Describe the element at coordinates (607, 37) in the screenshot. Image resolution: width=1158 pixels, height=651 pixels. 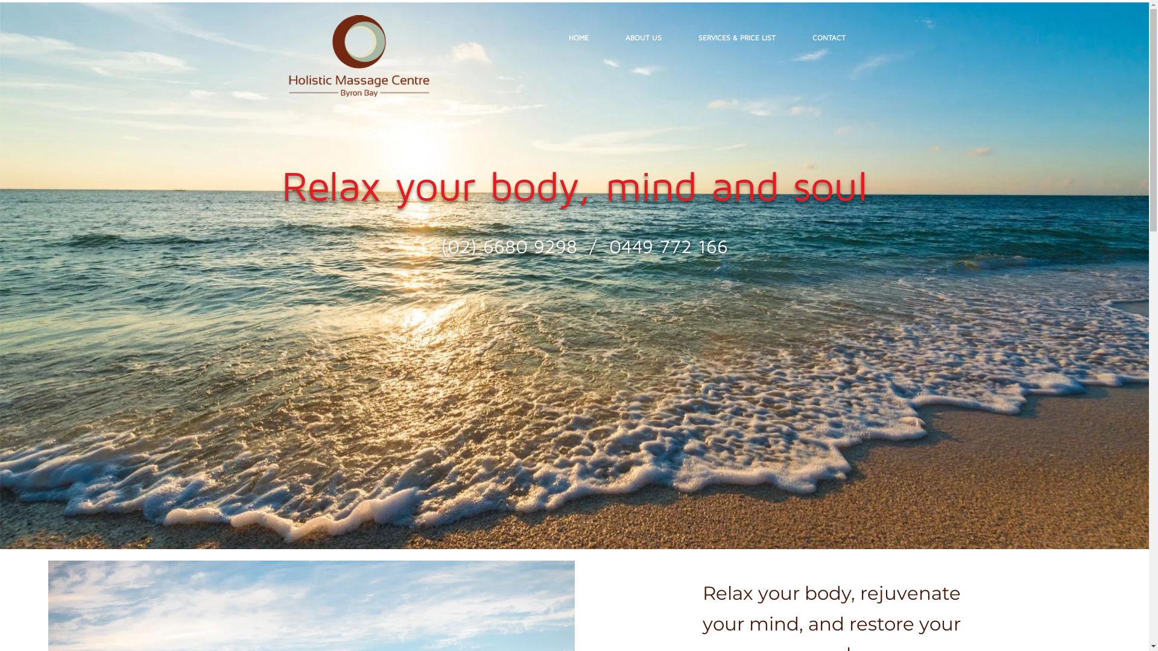
I see `'ABOUT US'` at that location.